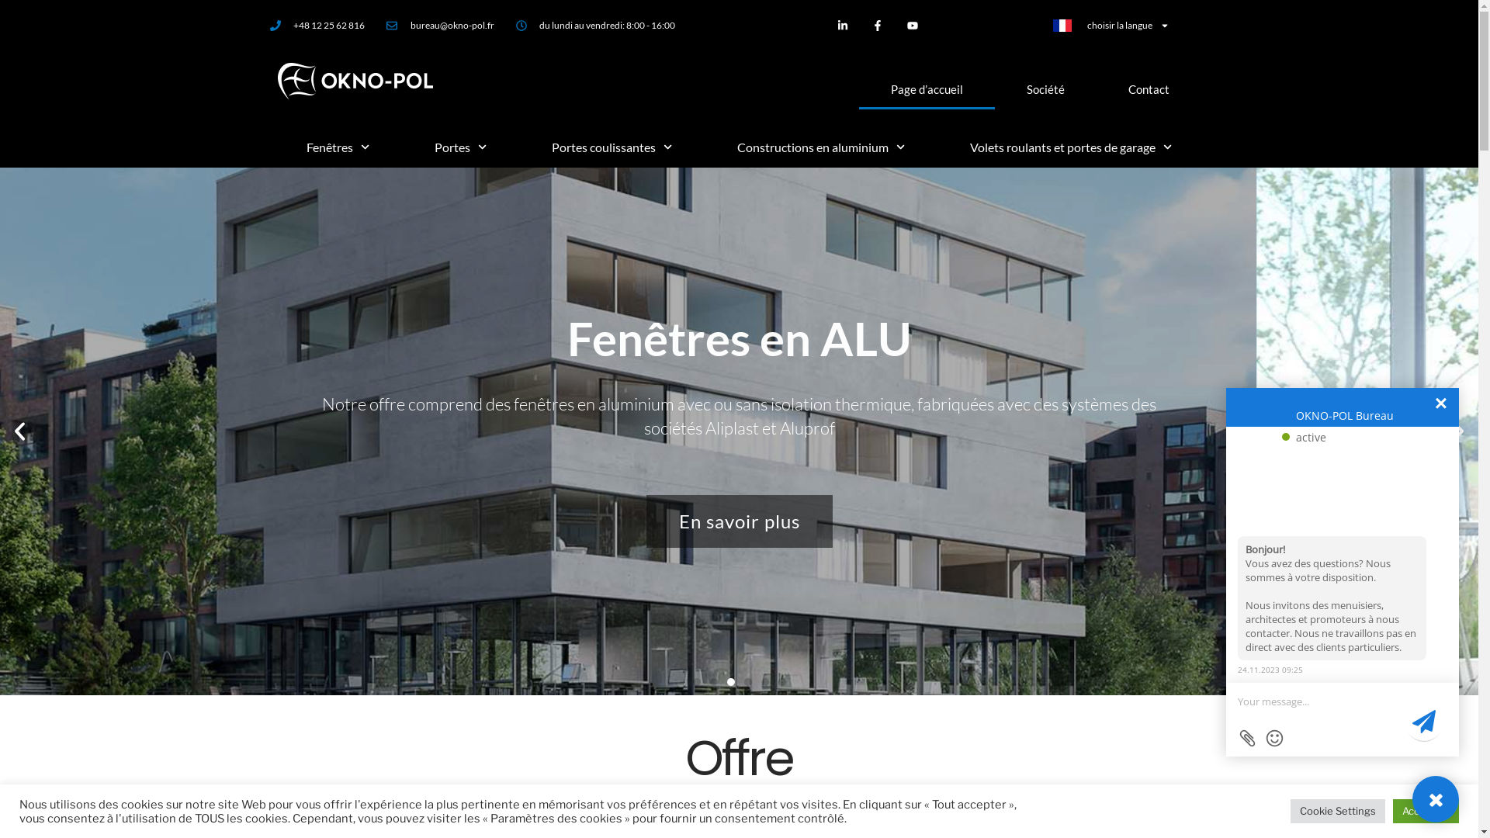 The width and height of the screenshot is (1490, 838). Describe the element at coordinates (269, 26) in the screenshot. I see `'+48 12 25 62 816'` at that location.